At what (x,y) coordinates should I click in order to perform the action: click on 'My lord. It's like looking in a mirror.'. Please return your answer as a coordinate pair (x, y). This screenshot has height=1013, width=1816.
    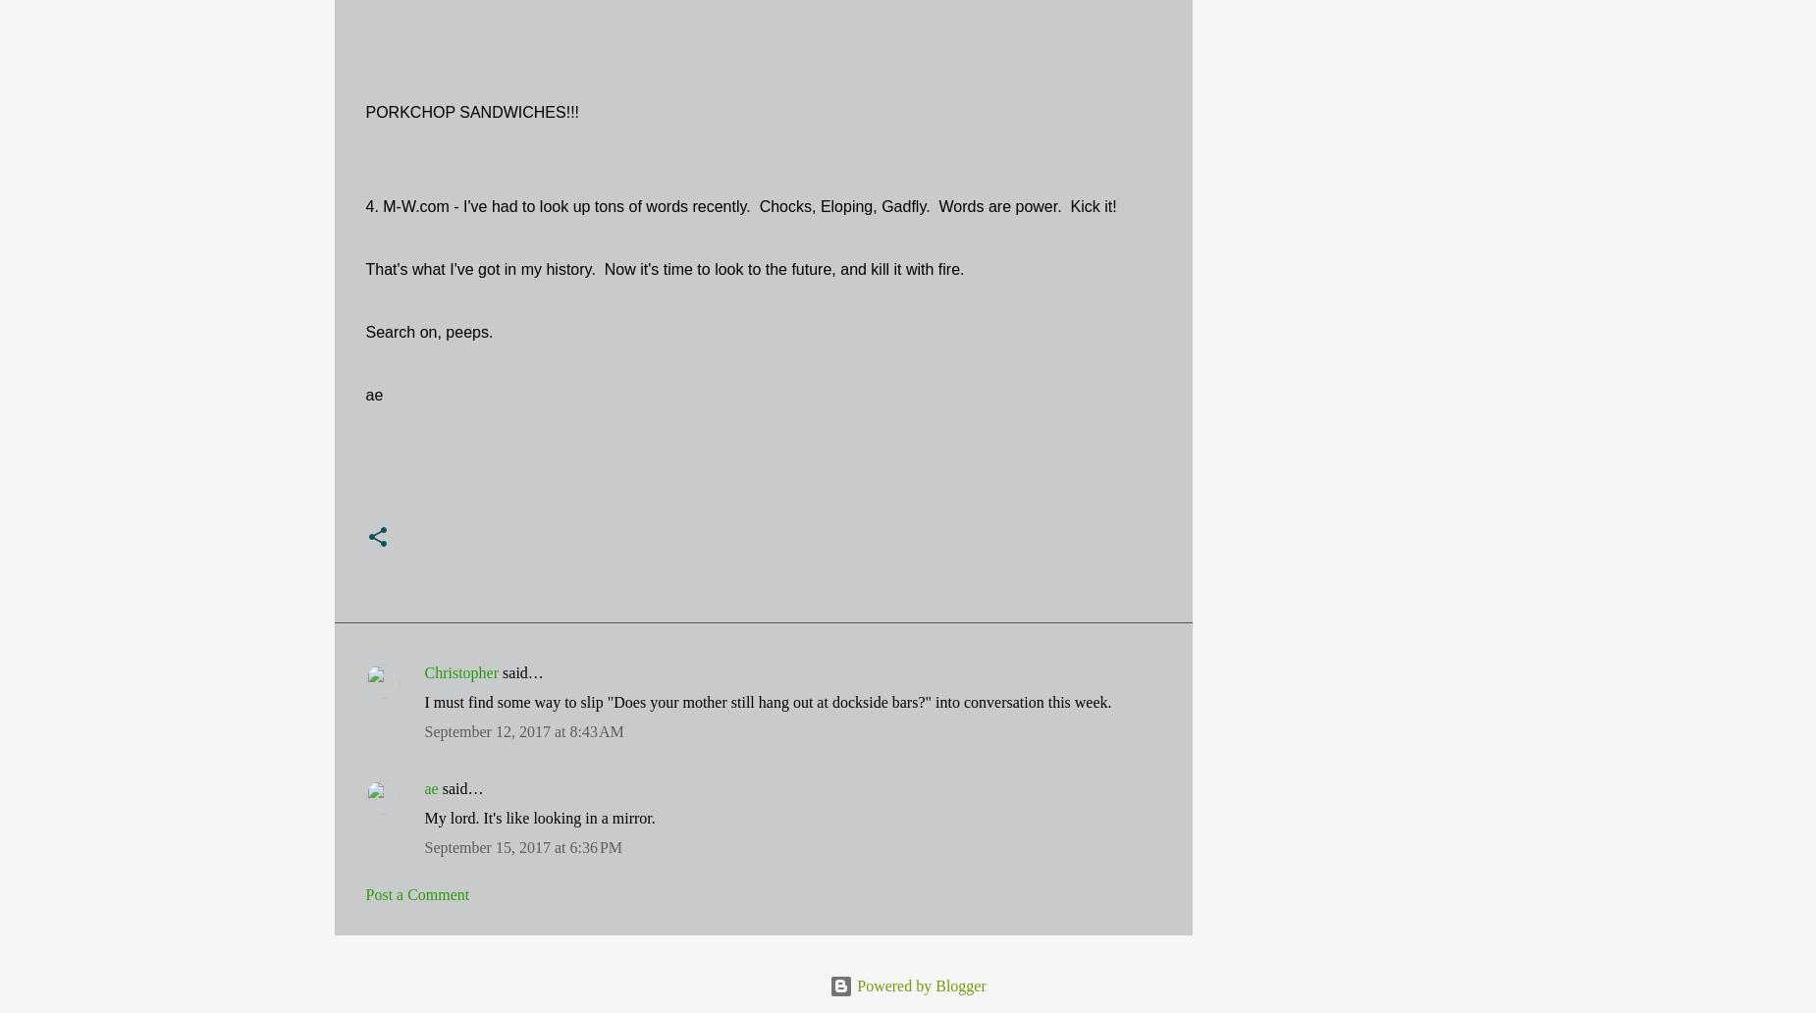
    Looking at the image, I should click on (539, 818).